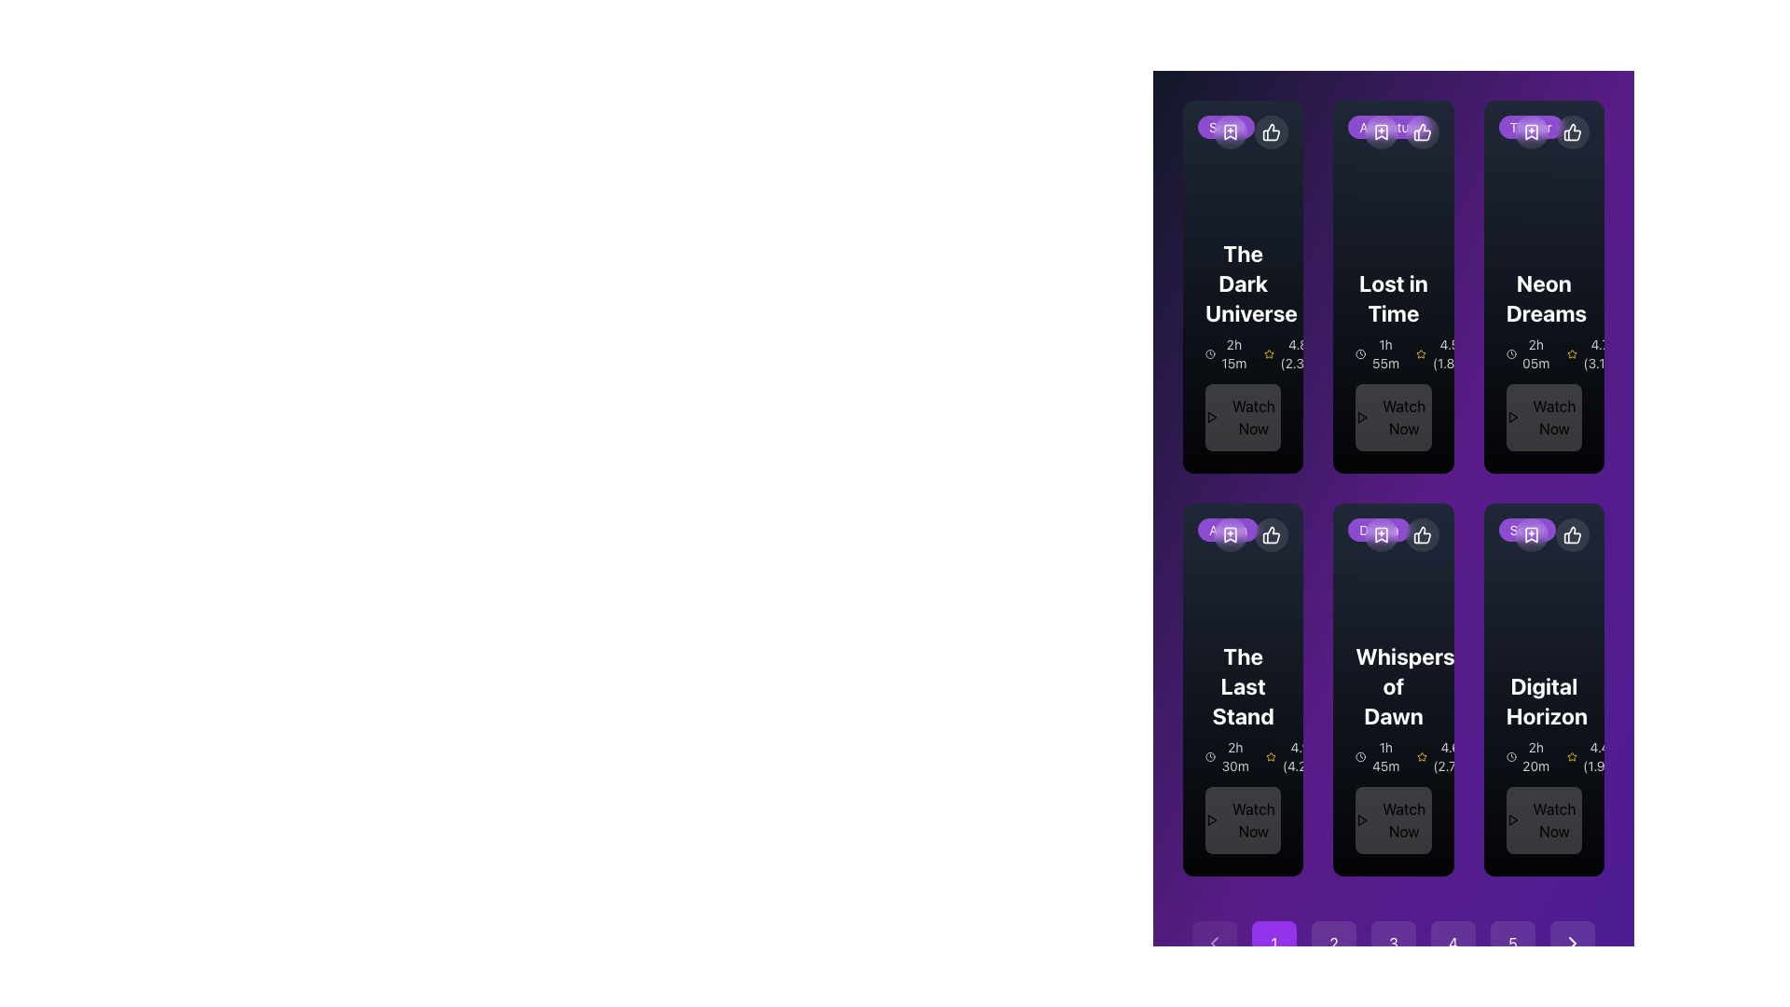  I want to click on the 'Drama' textual badge located at the top-left corner of the movie card for 'Whispers of Dawn', even though it is not marked as interactive, so click(1379, 529).